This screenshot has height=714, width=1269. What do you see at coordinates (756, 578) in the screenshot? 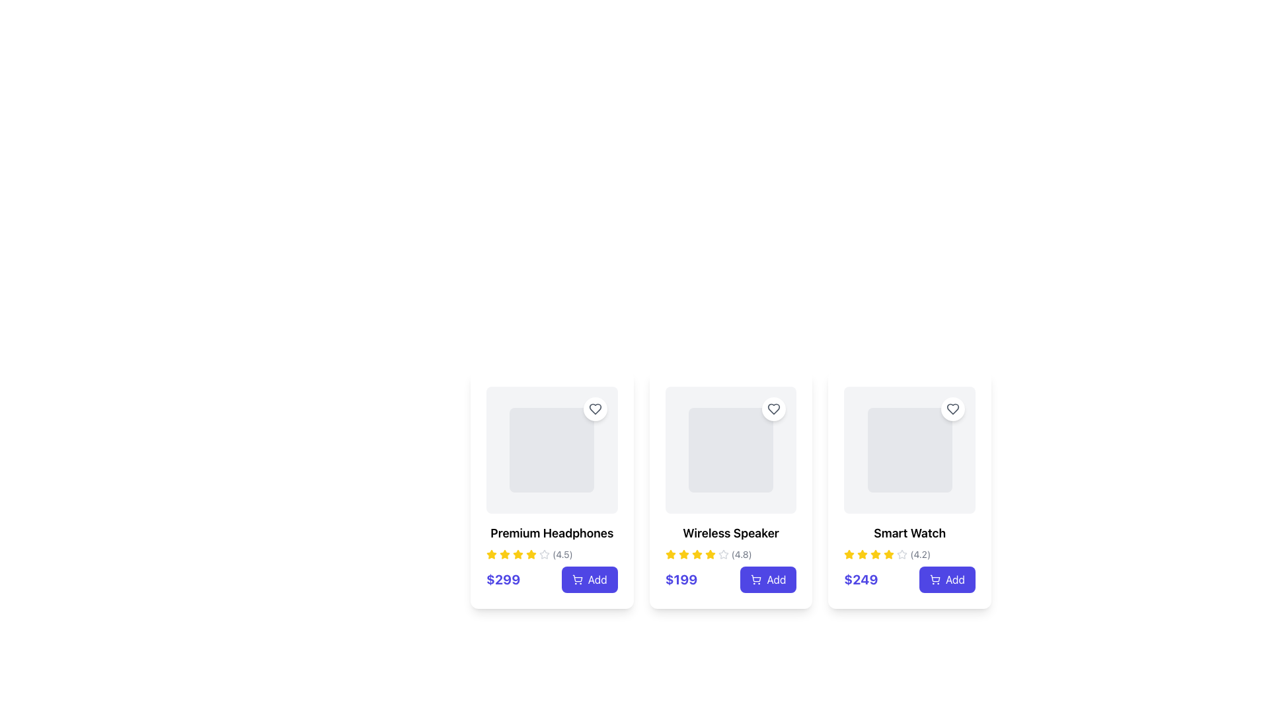
I see `the shopping cart icon located at the bottom part of the card beside the blue 'Add' button` at bounding box center [756, 578].